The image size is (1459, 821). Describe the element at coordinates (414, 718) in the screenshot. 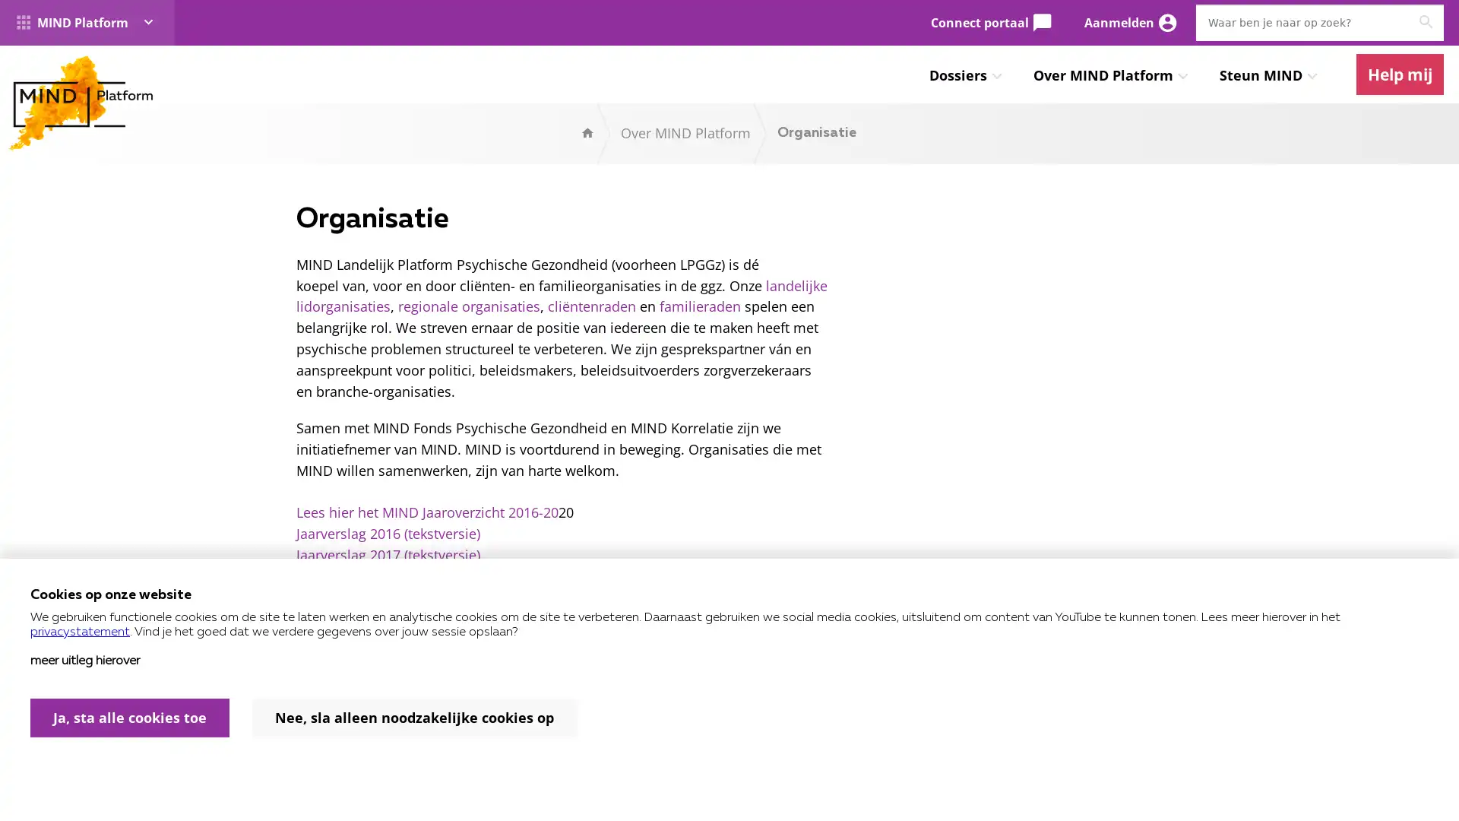

I see `Nee, sla alleen noodzakelijke cookies op` at that location.